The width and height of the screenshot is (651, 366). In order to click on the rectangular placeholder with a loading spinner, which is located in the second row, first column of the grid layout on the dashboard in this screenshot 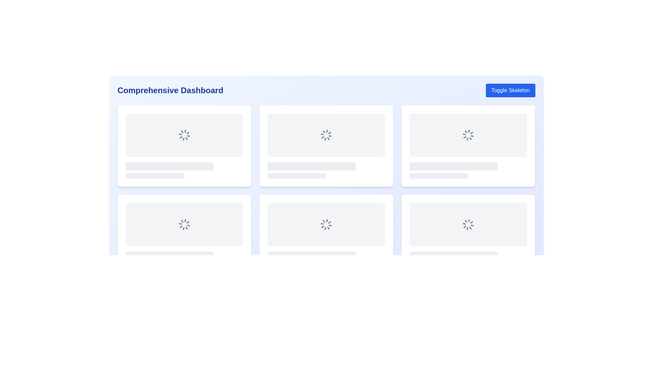, I will do `click(184, 225)`.